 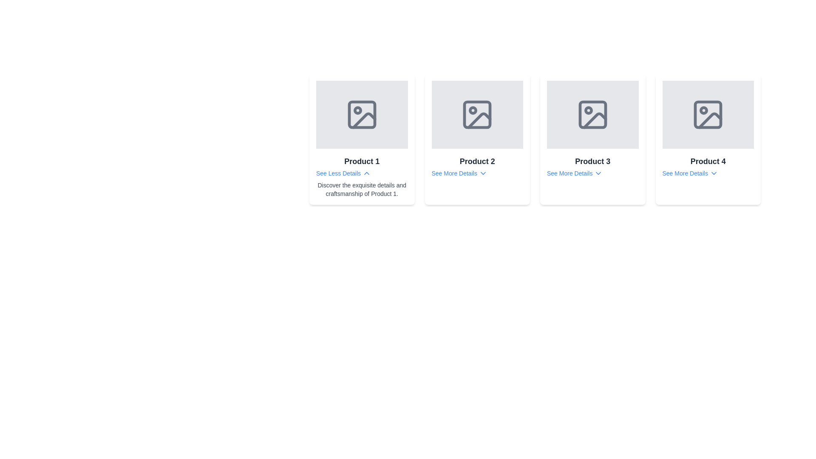 I want to click on the image placeholder located at the top section of the 'Product 1' card, so click(x=362, y=115).